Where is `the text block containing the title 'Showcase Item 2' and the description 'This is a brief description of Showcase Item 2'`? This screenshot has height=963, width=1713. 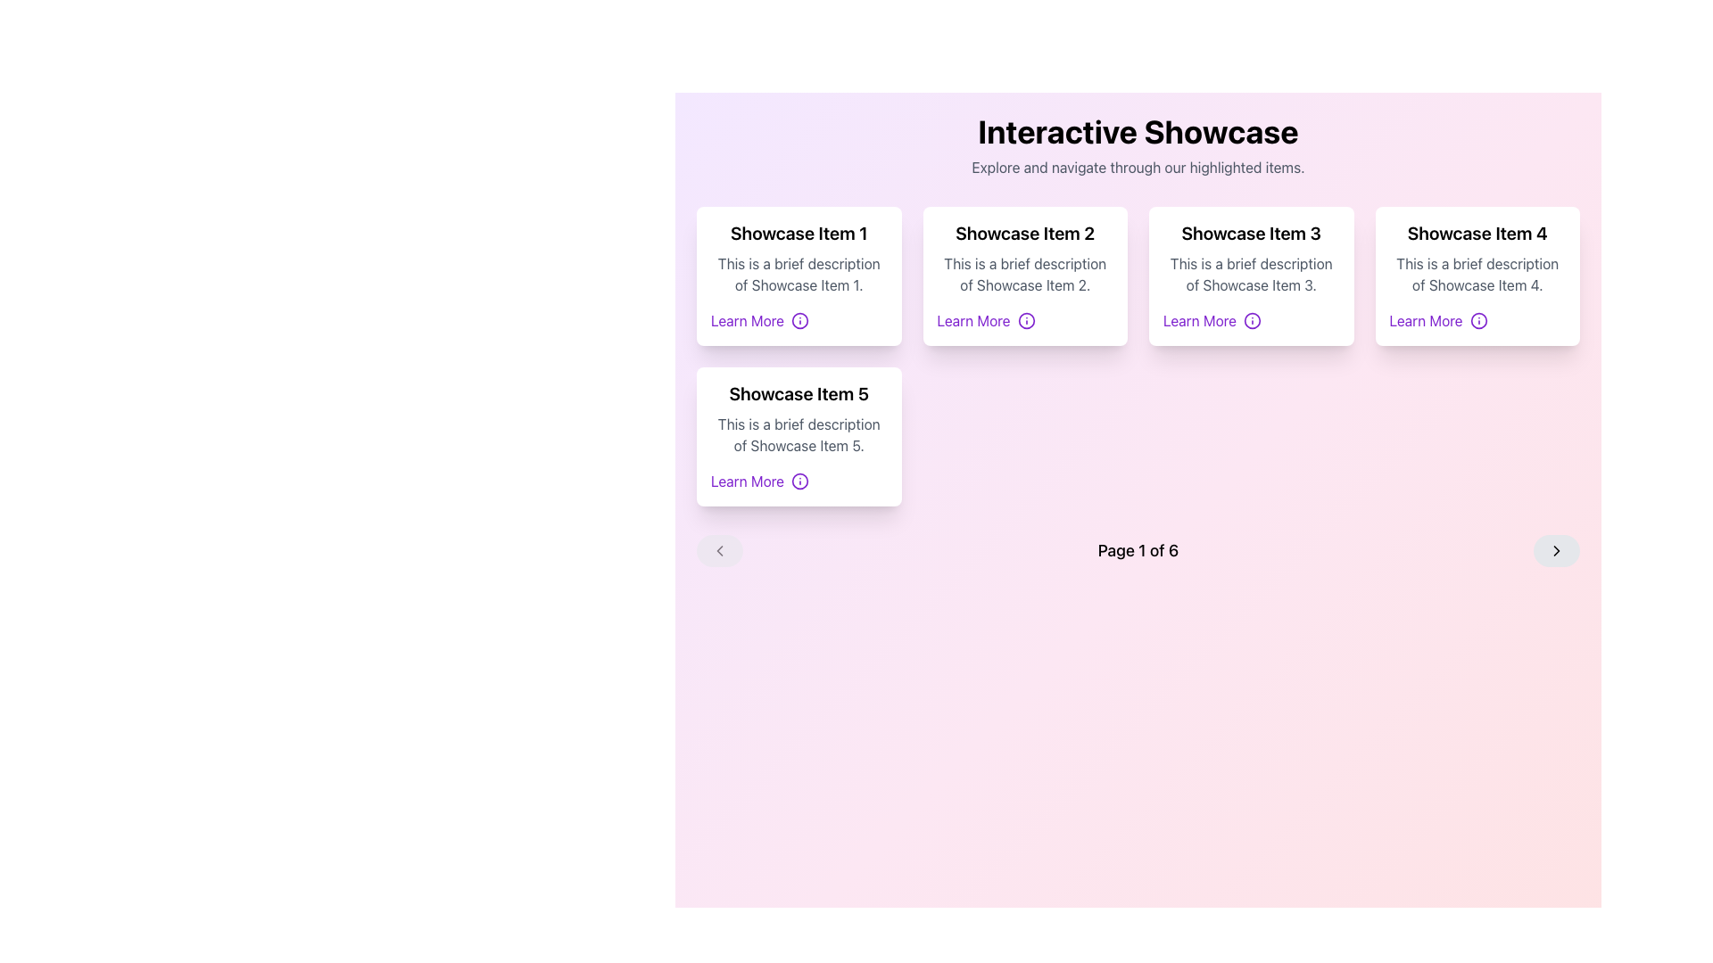 the text block containing the title 'Showcase Item 2' and the description 'This is a brief description of Showcase Item 2' is located at coordinates (1025, 258).